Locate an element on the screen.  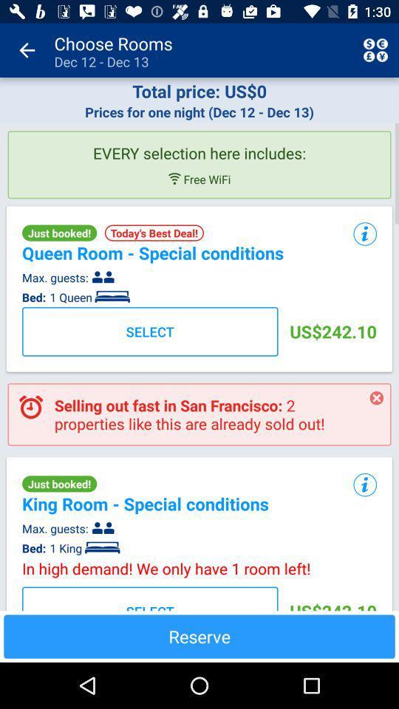
the icon above the us$242.10 is located at coordinates (364, 484).